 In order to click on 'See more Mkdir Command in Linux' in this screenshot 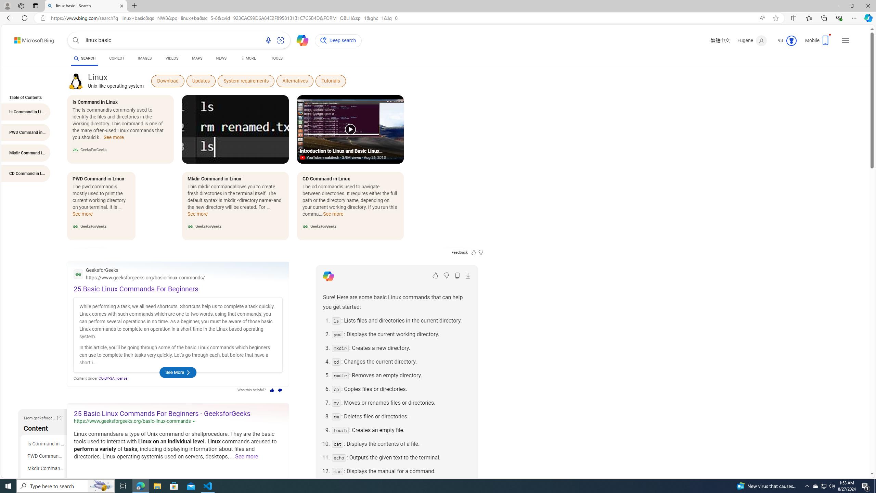, I will do `click(197, 216)`.